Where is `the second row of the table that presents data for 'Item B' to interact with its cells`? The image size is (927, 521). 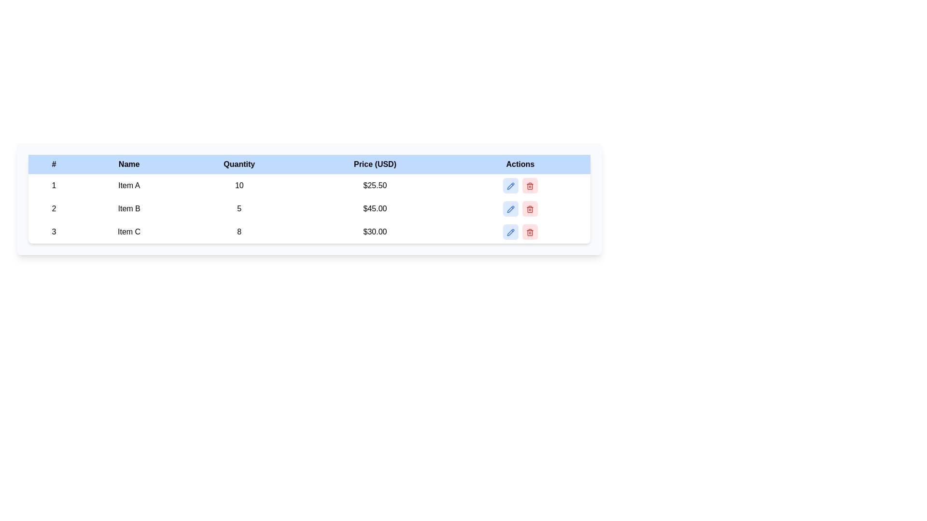
the second row of the table that presents data for 'Item B' to interact with its cells is located at coordinates (309, 208).